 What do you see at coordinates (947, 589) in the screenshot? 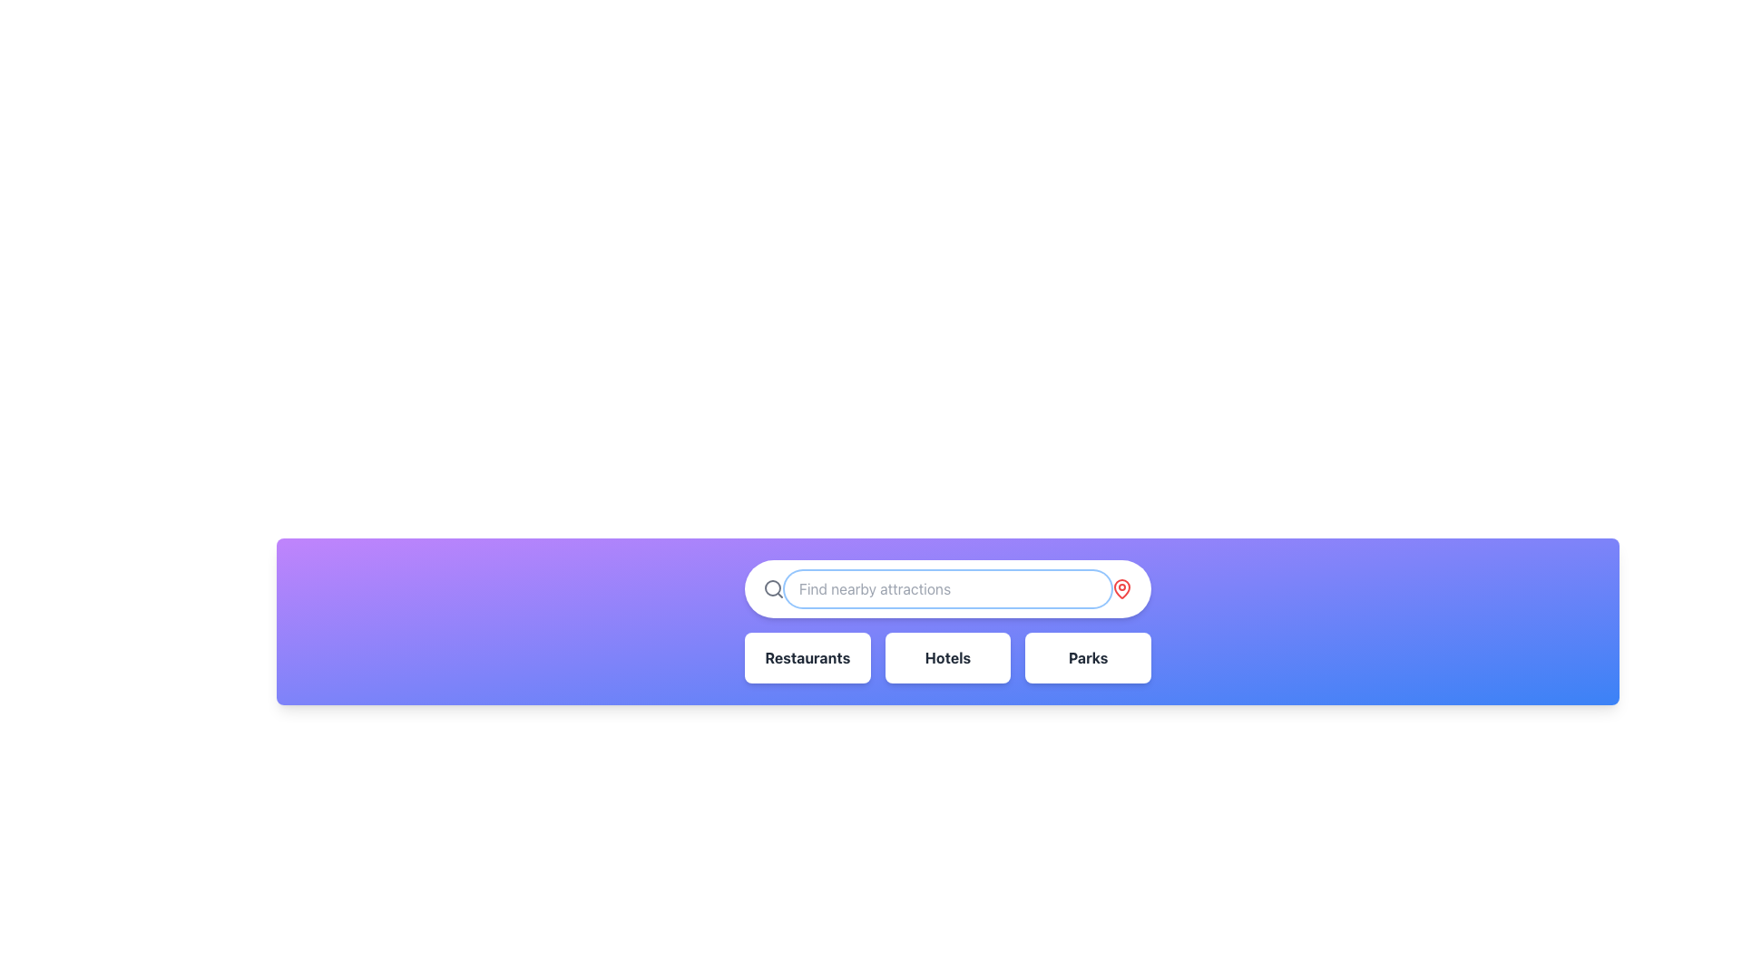
I see `the text input field with rounded corners that has the placeholder 'Find nearby attractions' to focus on it` at bounding box center [947, 589].